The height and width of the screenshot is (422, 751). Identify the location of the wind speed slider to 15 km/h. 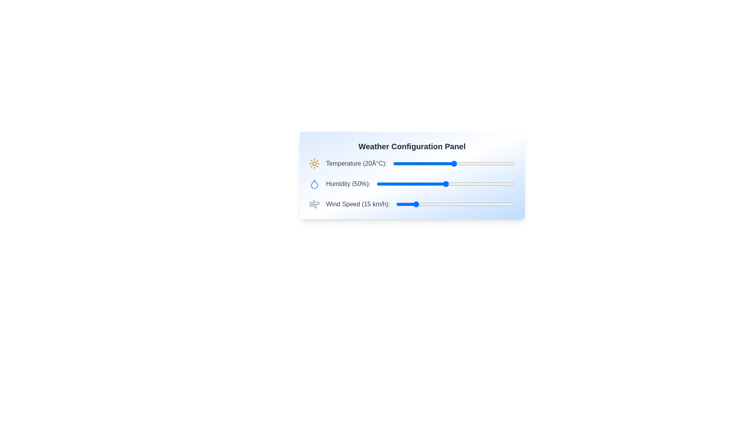
(413, 204).